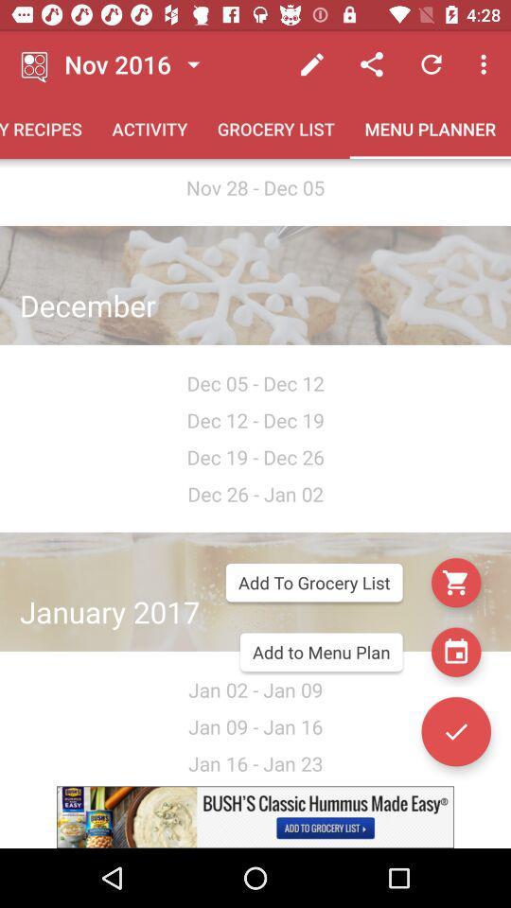  Describe the element at coordinates (455, 730) in the screenshot. I see `the check icon` at that location.